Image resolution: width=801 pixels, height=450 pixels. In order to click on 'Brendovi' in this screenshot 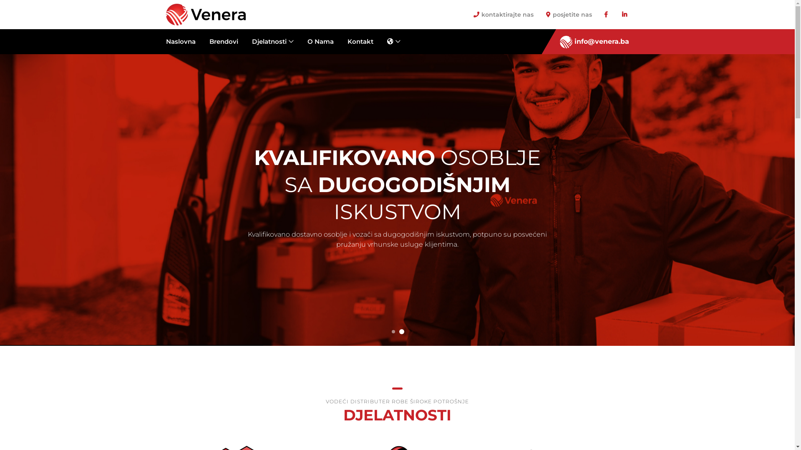, I will do `click(202, 41)`.